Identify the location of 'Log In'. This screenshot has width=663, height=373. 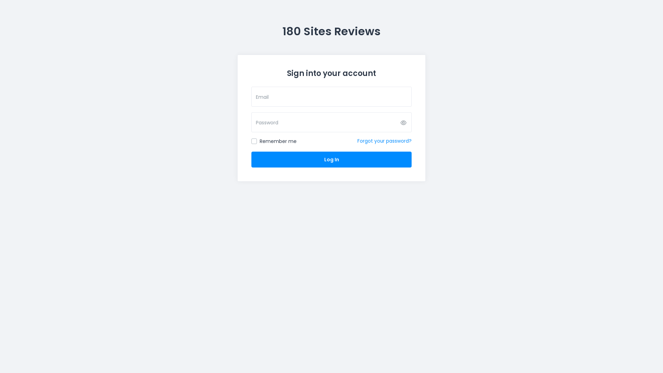
(331, 160).